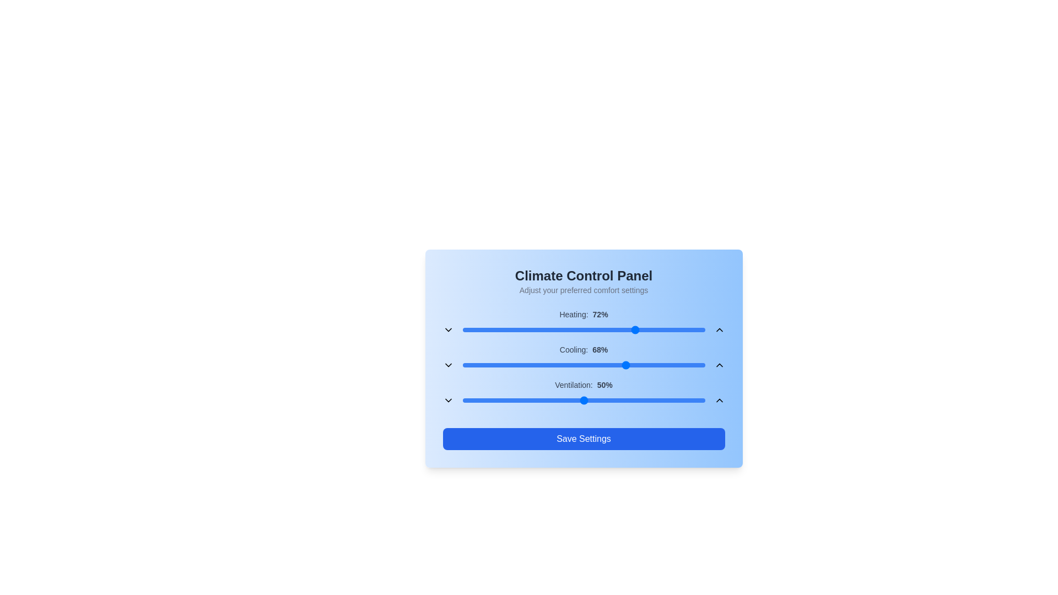  Describe the element at coordinates (448, 329) in the screenshot. I see `the down button to adjust the heating setting` at that location.